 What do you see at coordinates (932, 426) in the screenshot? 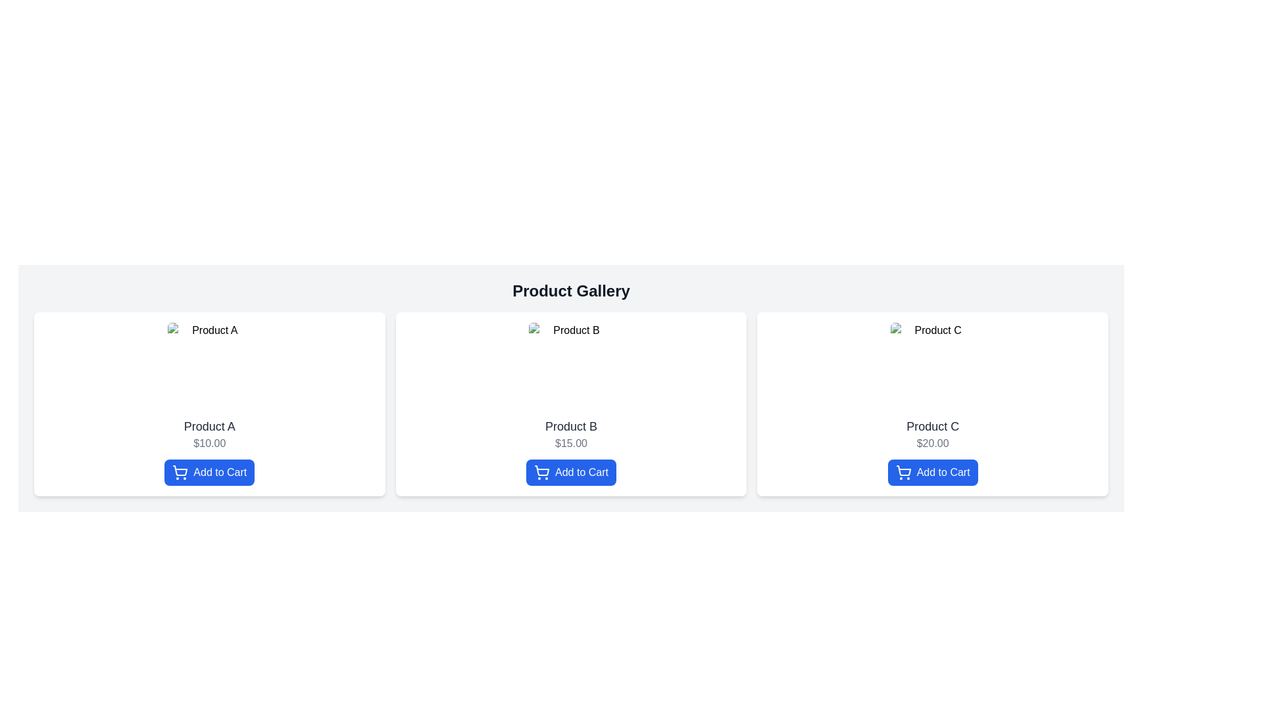
I see `the 'Product C' text label, which is bold, dark gray, and located in the last card of the product gallery, positioned below an image and above the price '$20.00'` at bounding box center [932, 426].